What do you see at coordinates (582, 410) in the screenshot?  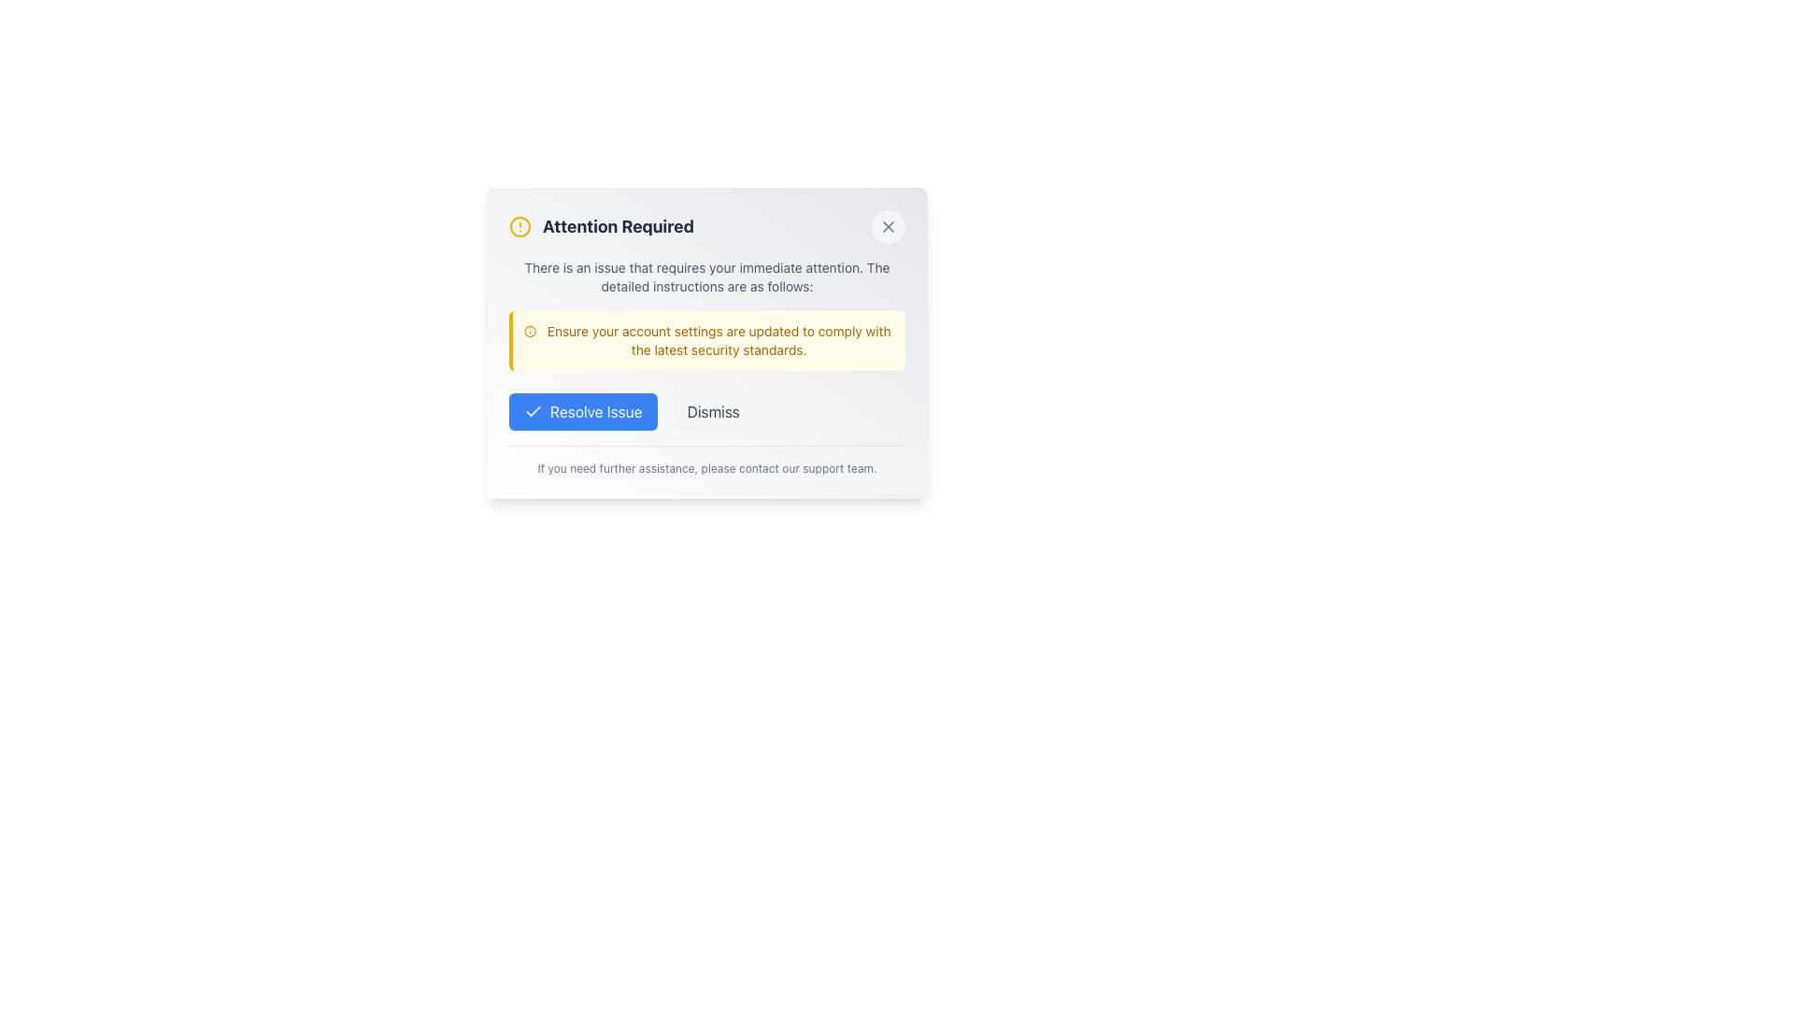 I see `the issue resolution button using keyboard navigation` at bounding box center [582, 410].